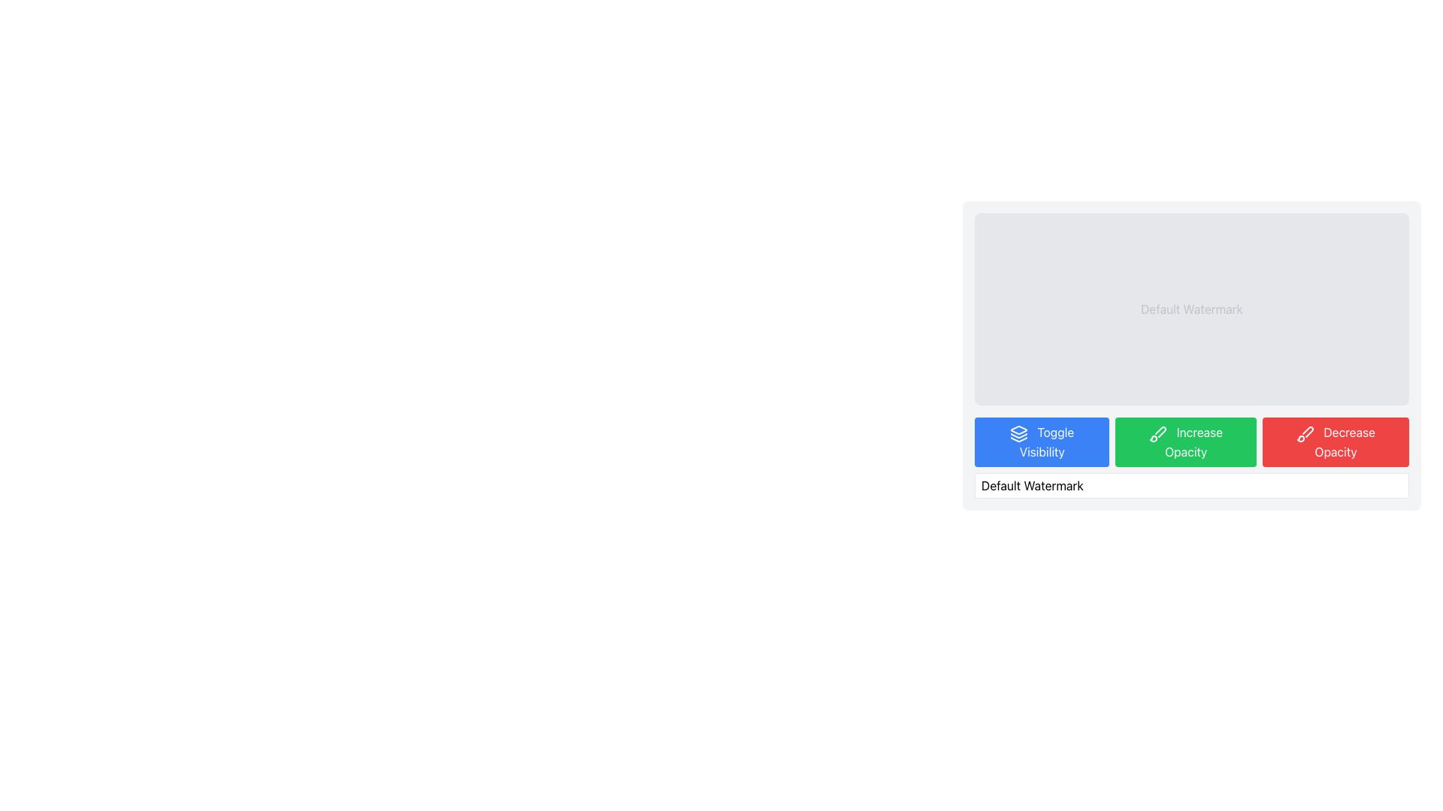 The height and width of the screenshot is (811, 1443). I want to click on the button located between the blue 'Toggle Visibility' button and the red 'Decrease Opacity' button to increase the opacity of the associated element, so click(1190, 440).